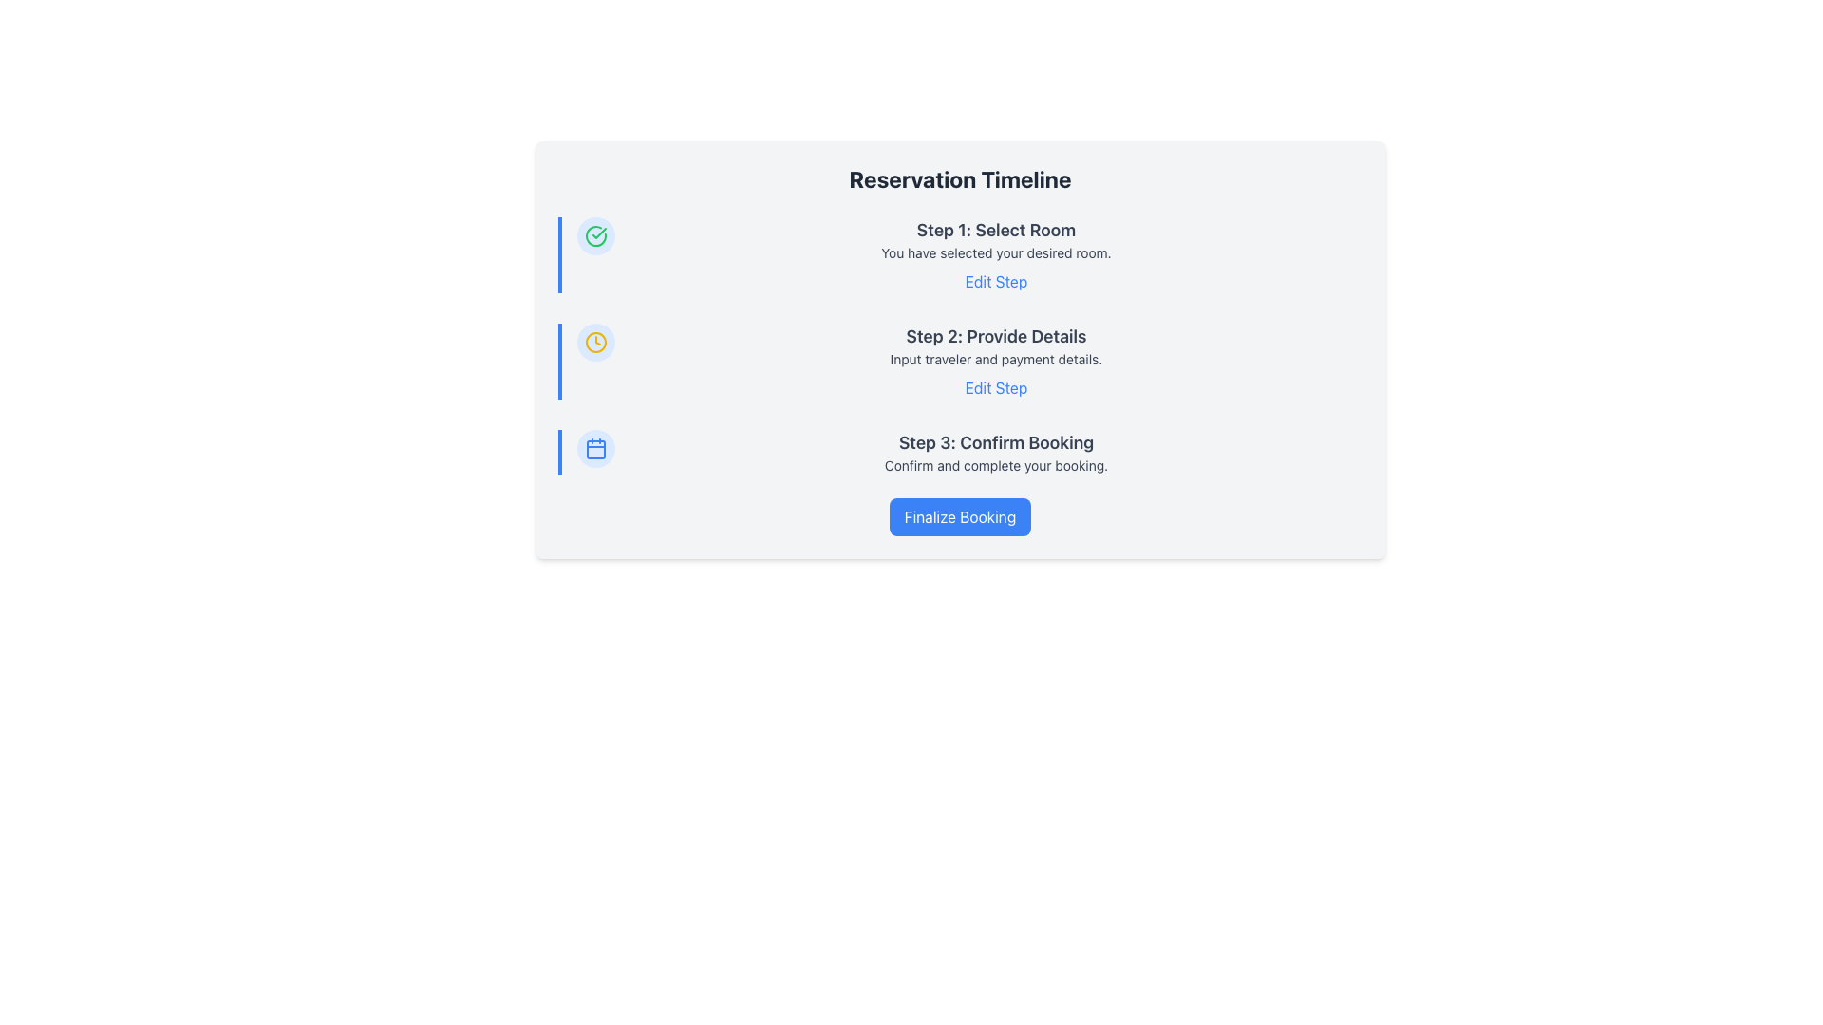  Describe the element at coordinates (995, 362) in the screenshot. I see `the interactive 'Edit Step' hyperlink located in the textual content styled with gray font on a white background, which is part of the second step in the process layout` at that location.